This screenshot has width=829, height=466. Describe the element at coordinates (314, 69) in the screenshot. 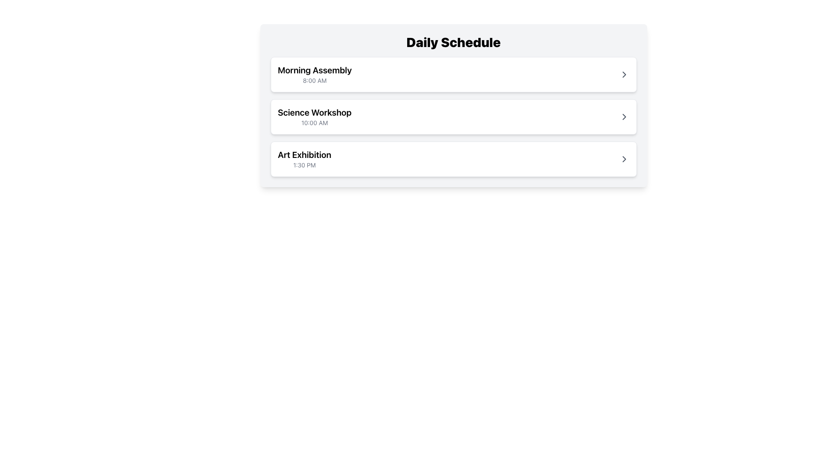

I see `the text label that serves as the title for the schedule item, positioned as the header in the first list item above the time label '8:00 AM'` at that location.